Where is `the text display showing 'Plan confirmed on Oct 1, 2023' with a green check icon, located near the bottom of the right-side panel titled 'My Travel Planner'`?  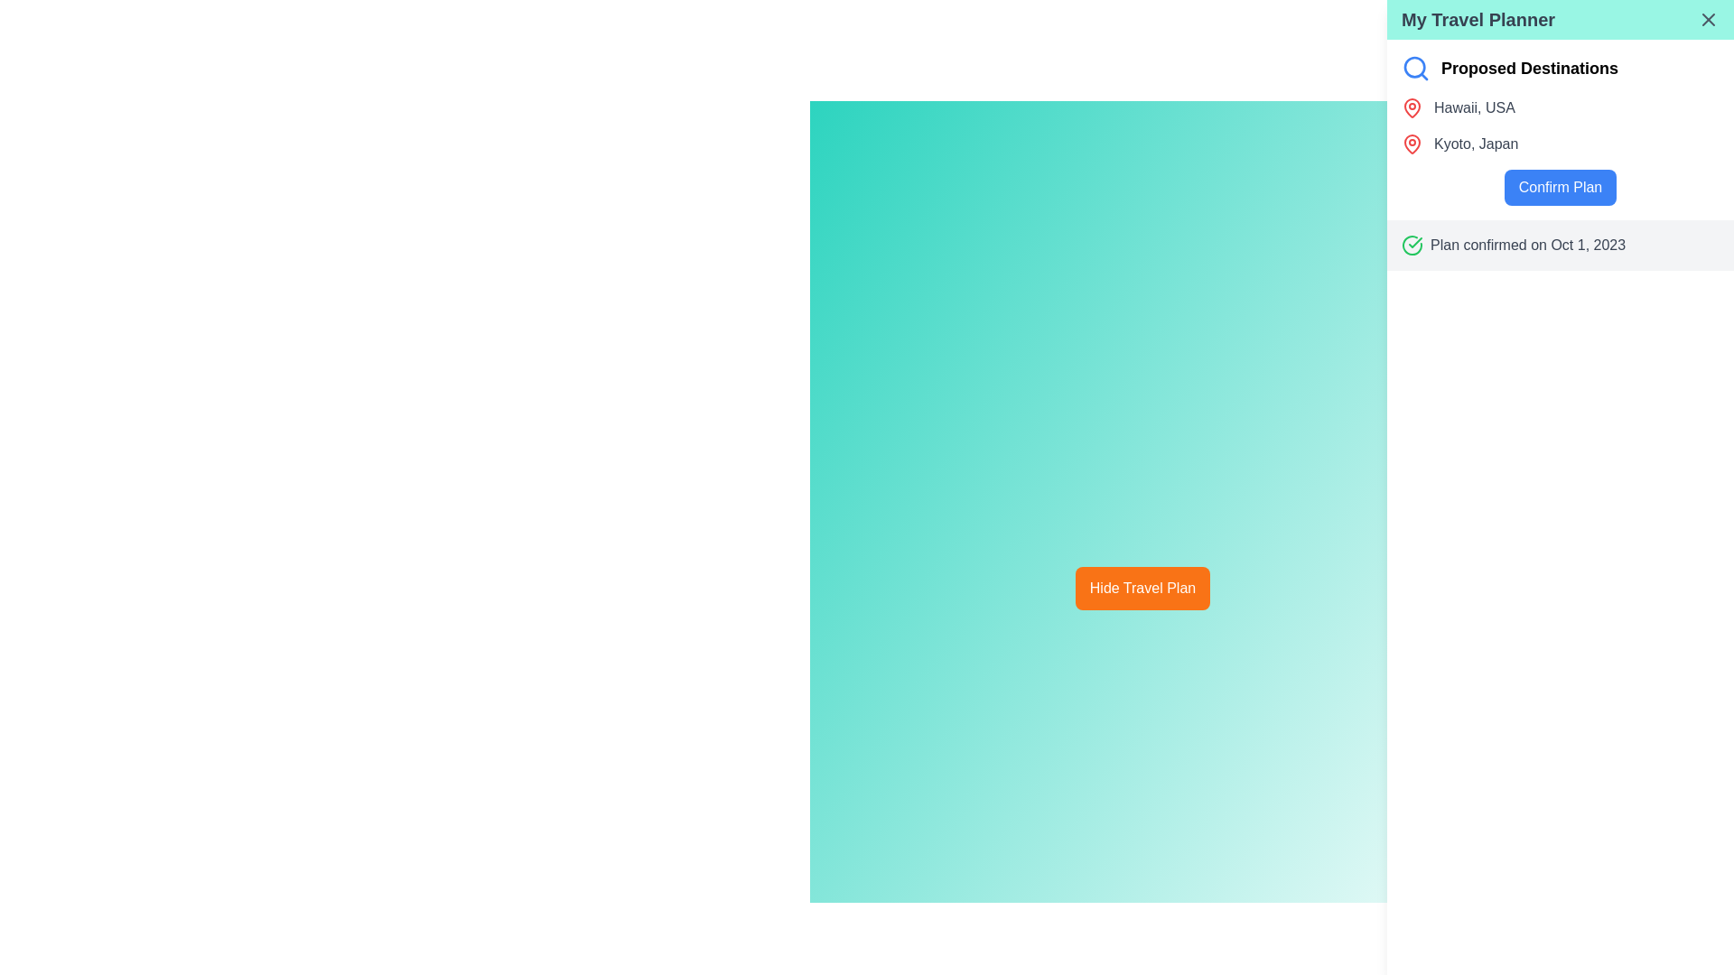
the text display showing 'Plan confirmed on Oct 1, 2023' with a green check icon, located near the bottom of the right-side panel titled 'My Travel Planner' is located at coordinates (1560, 246).